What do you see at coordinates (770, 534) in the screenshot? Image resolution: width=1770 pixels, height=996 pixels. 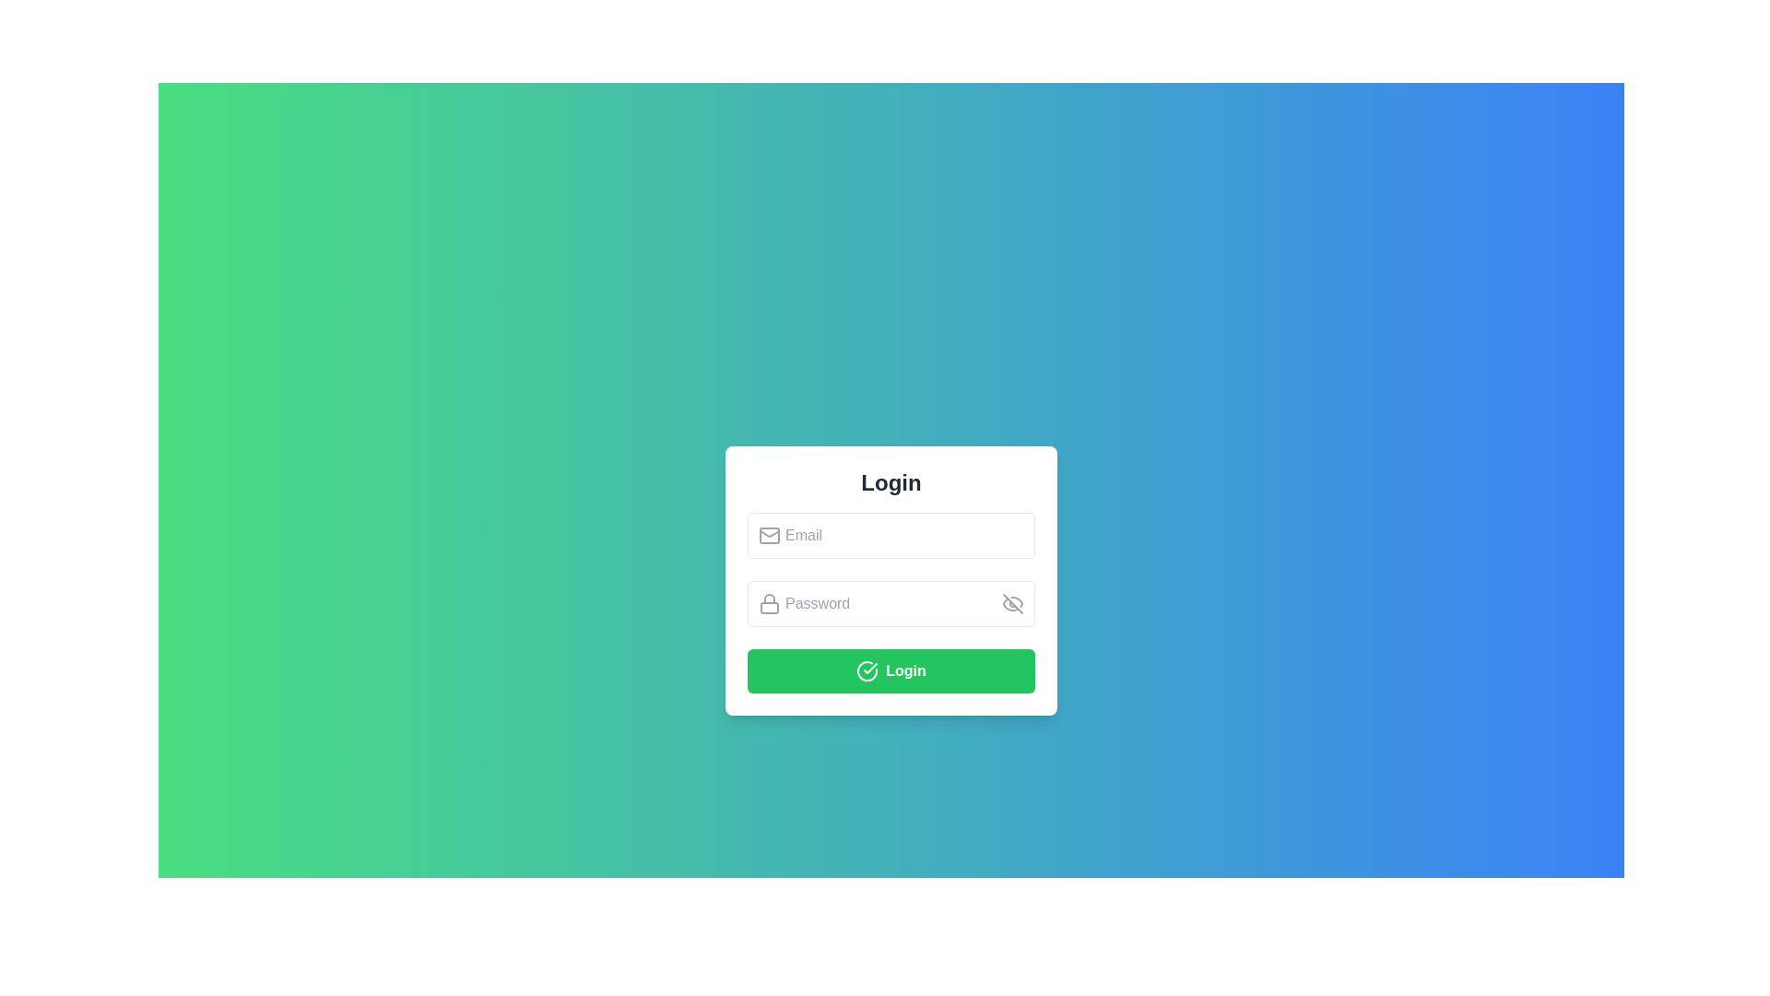 I see `the envelope icon component located to the left of the 'Email' text input field in the login form` at bounding box center [770, 534].